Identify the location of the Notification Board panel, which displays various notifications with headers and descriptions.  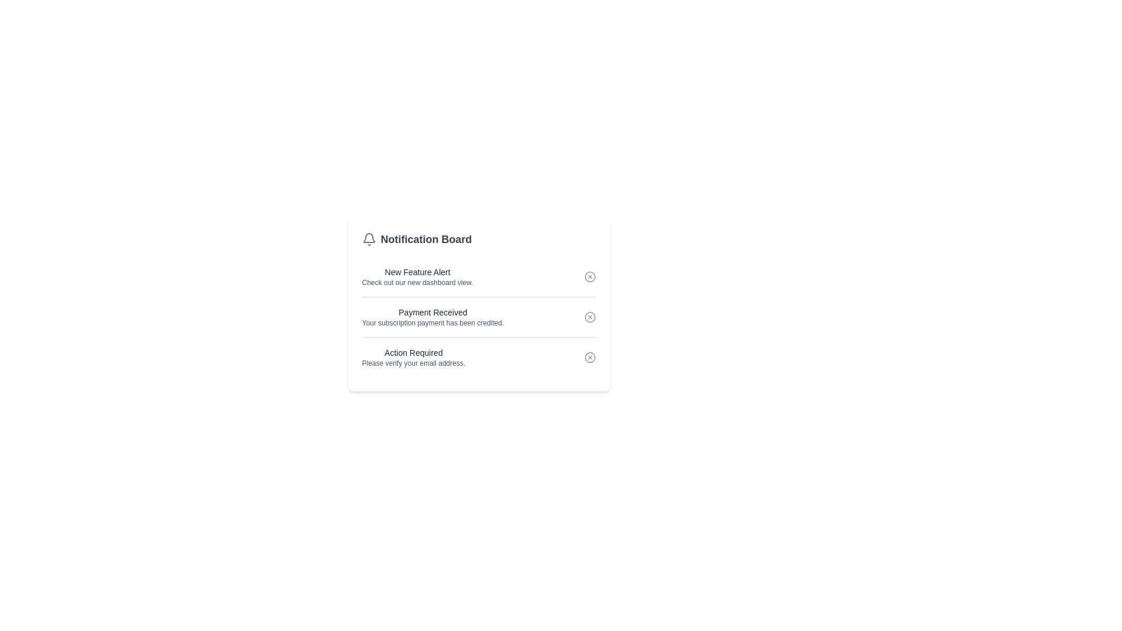
(479, 303).